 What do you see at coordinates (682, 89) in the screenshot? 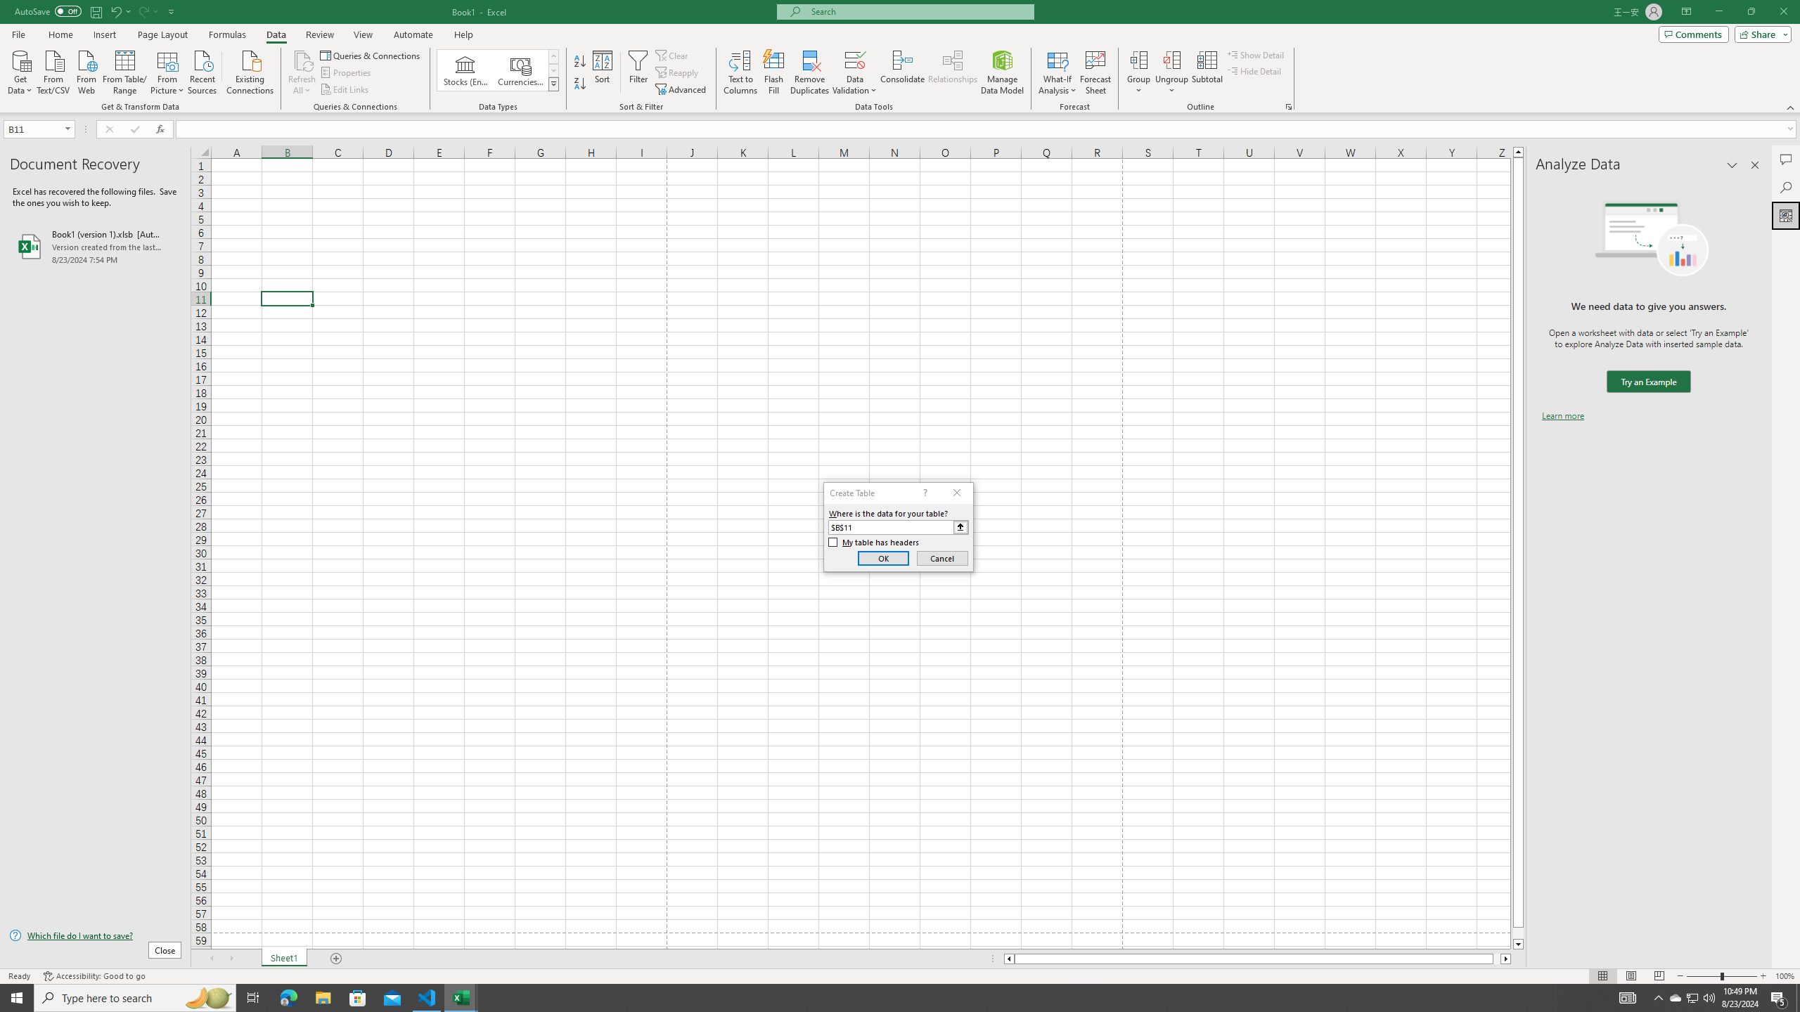
I see `'Advanced...'` at bounding box center [682, 89].